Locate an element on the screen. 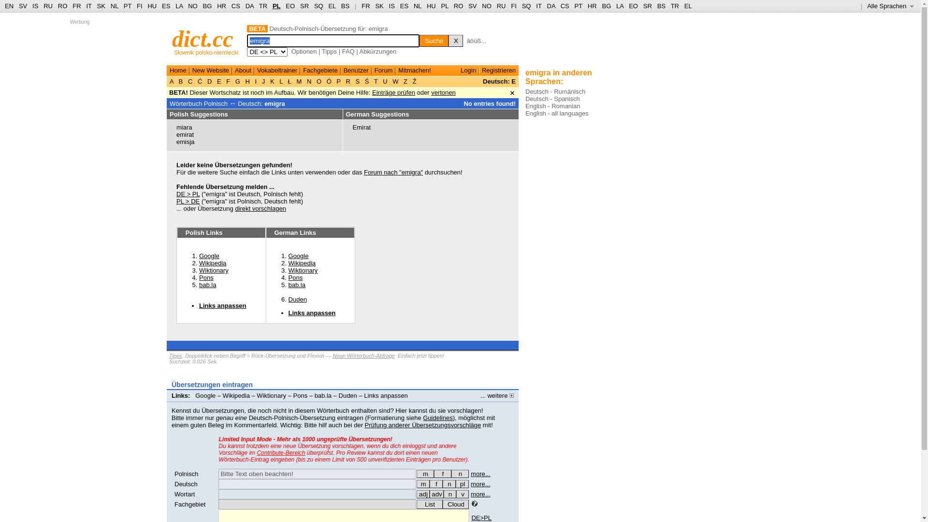 The height and width of the screenshot is (522, 928). 'PL' is located at coordinates (444, 6).